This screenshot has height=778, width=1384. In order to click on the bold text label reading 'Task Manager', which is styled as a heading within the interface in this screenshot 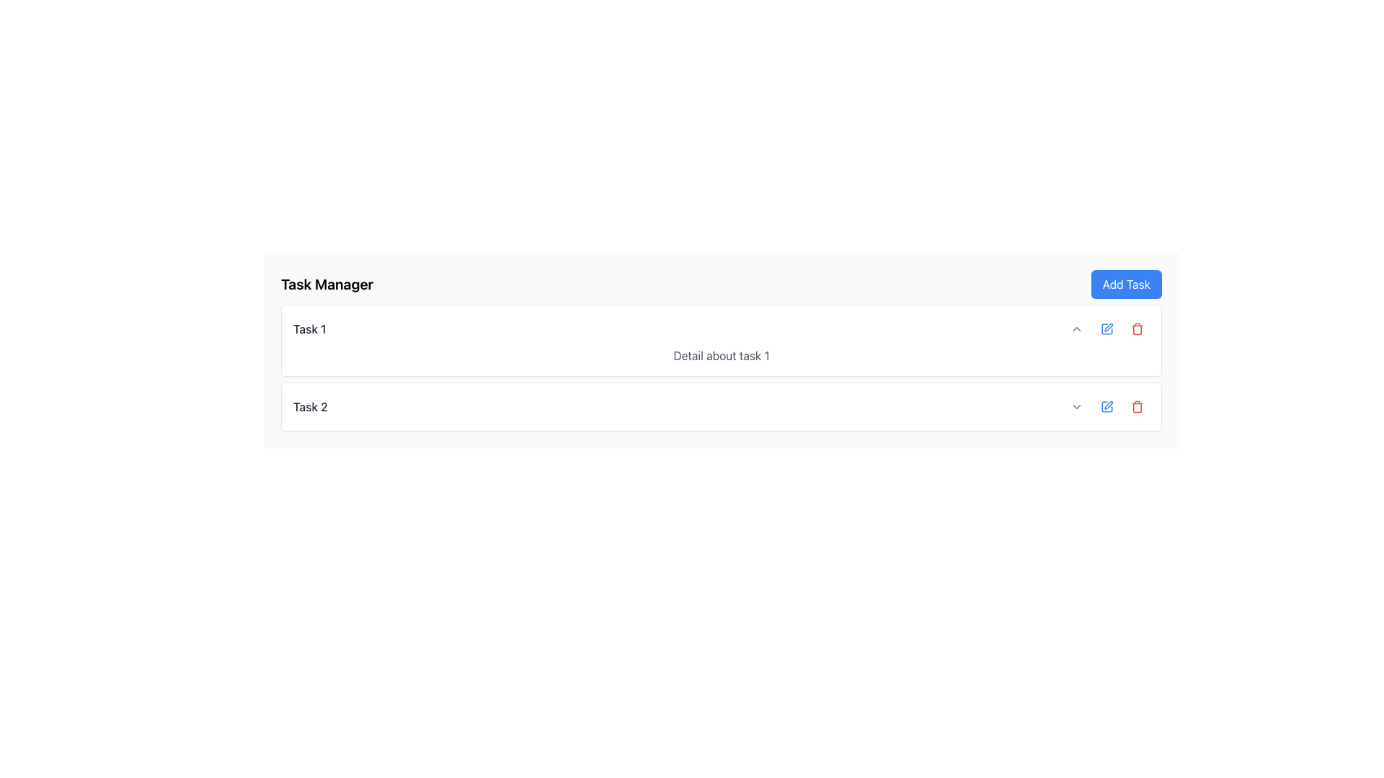, I will do `click(327, 284)`.